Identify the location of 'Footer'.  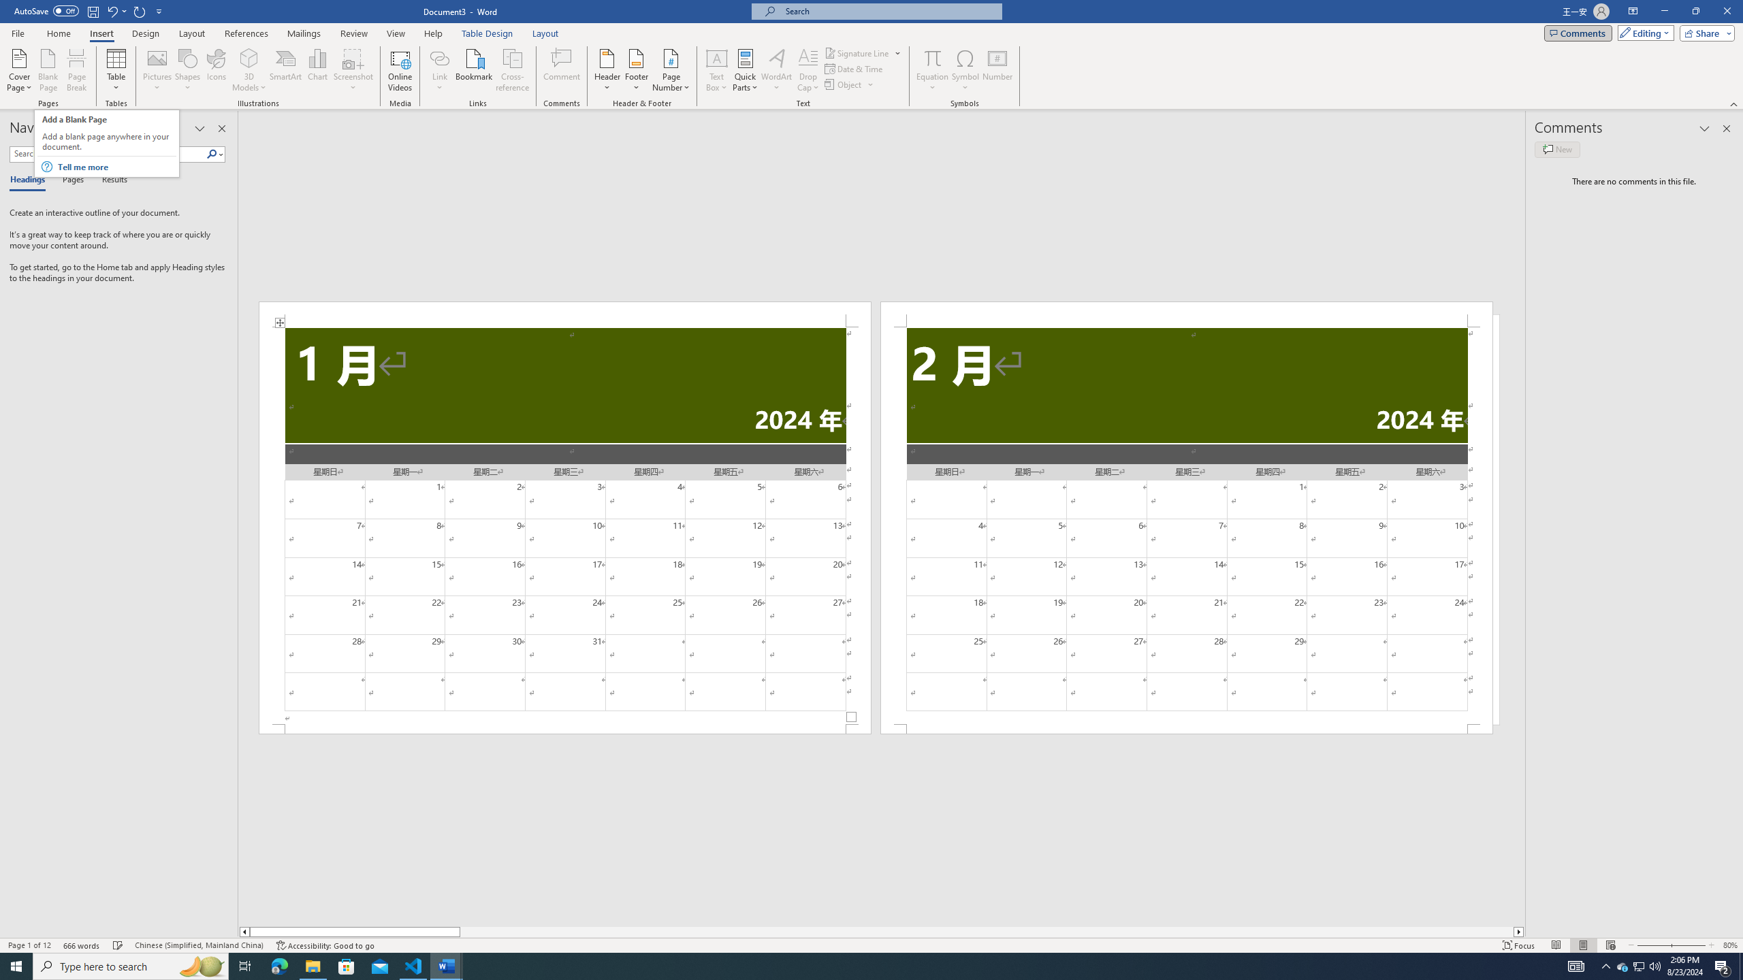
(635, 70).